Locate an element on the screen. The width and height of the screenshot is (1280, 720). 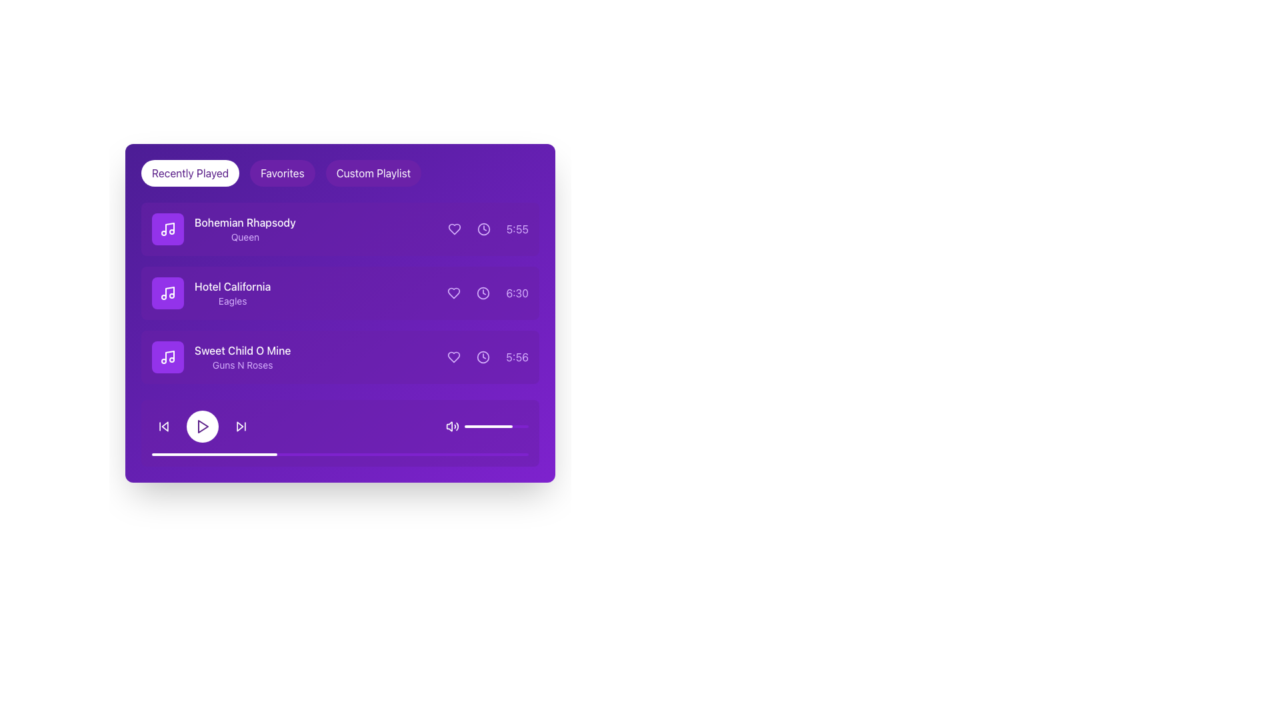
the 'Recently Played' button, which is a rounded rectangular button with a white background and purple text is located at coordinates (189, 172).